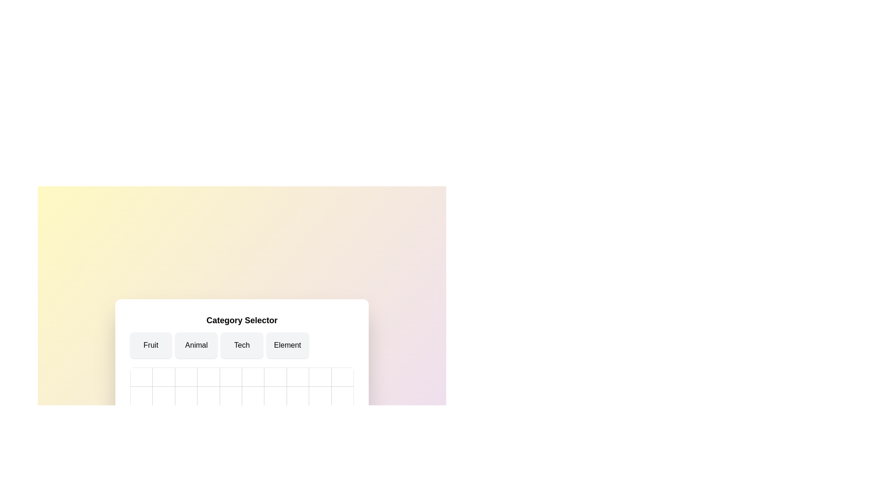 The width and height of the screenshot is (886, 498). What do you see at coordinates (196, 345) in the screenshot?
I see `the category Animal to select it` at bounding box center [196, 345].